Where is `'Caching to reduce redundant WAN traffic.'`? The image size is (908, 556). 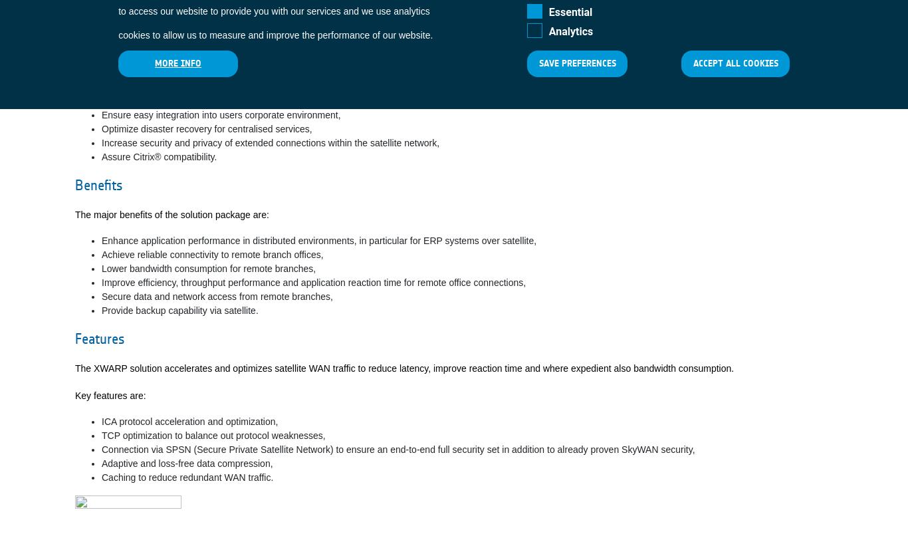 'Caching to reduce redundant WAN traffic.' is located at coordinates (187, 478).